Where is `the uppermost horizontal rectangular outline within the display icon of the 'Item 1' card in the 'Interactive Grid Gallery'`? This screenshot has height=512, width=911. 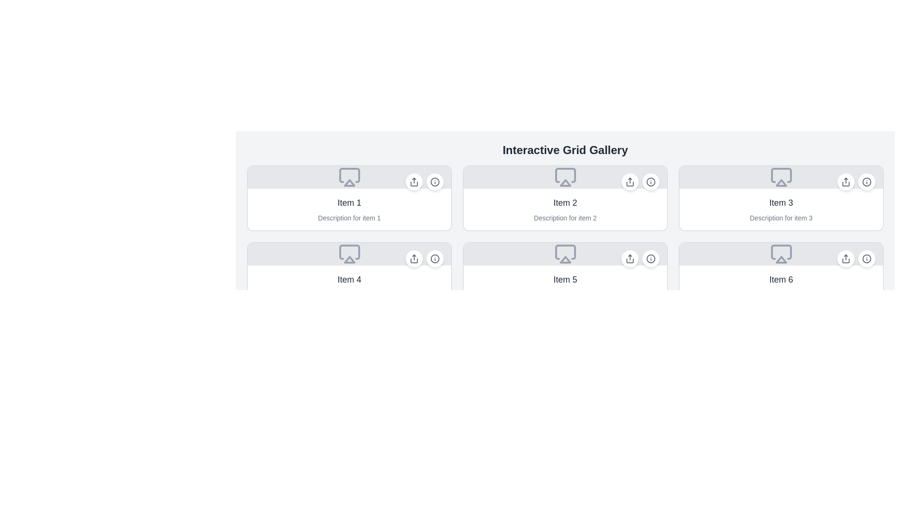 the uppermost horizontal rectangular outline within the display icon of the 'Item 1' card in the 'Interactive Grid Gallery' is located at coordinates (349, 175).